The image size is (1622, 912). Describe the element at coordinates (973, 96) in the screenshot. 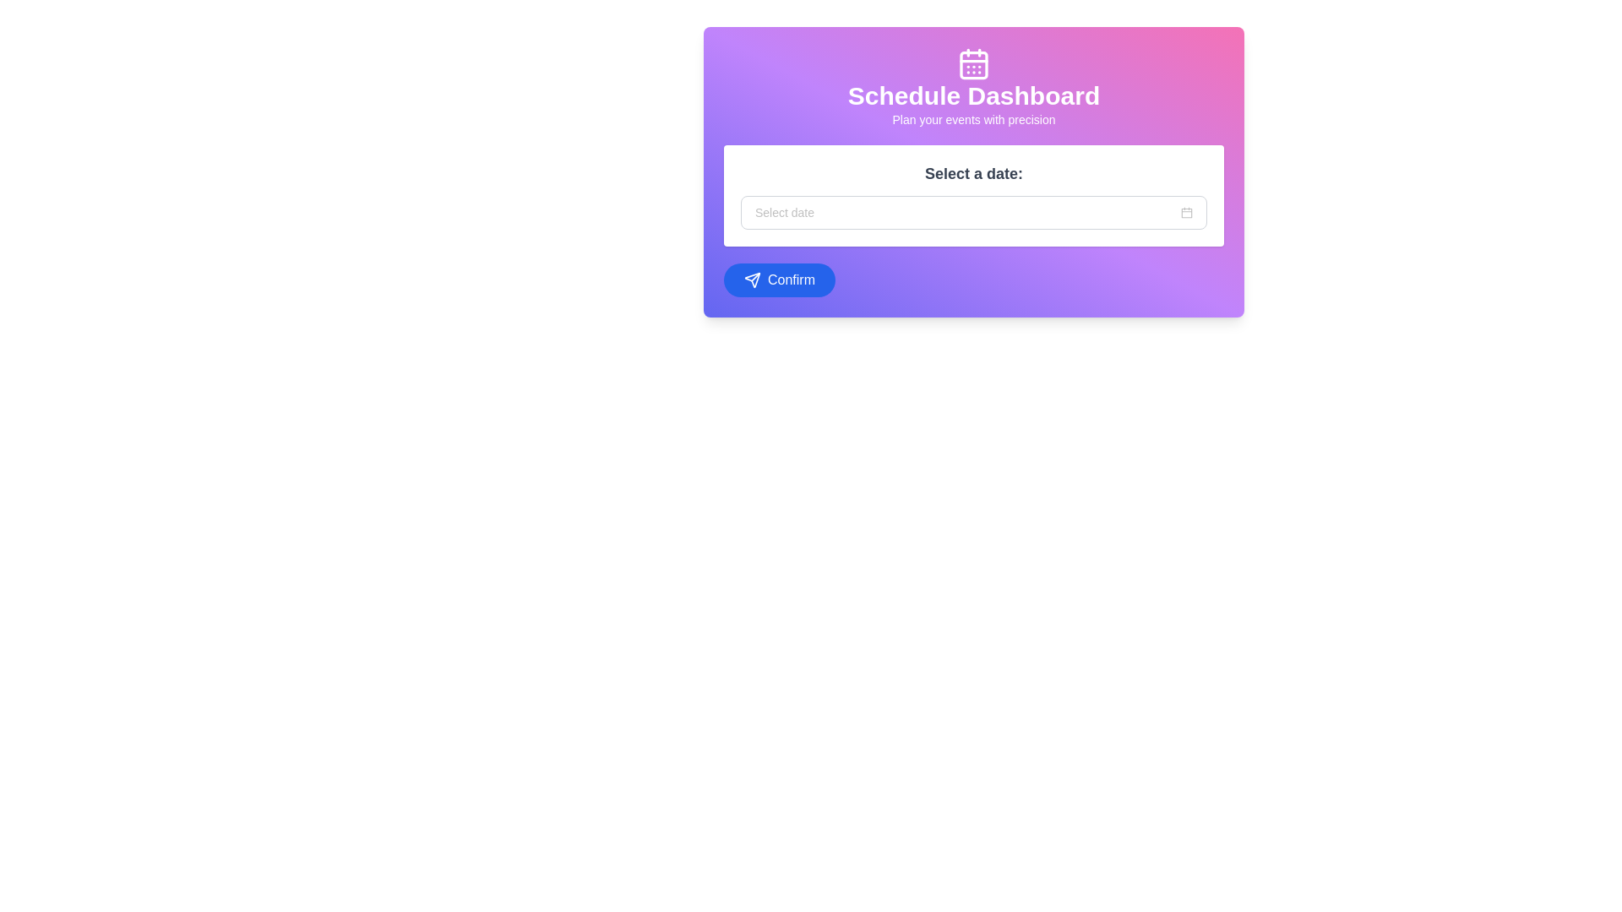

I see `the text label displaying 'Schedule Dashboard', which is bold and large with white text on a pink and purple gradient background, located at the top of the interface below a calendar icon` at that location.